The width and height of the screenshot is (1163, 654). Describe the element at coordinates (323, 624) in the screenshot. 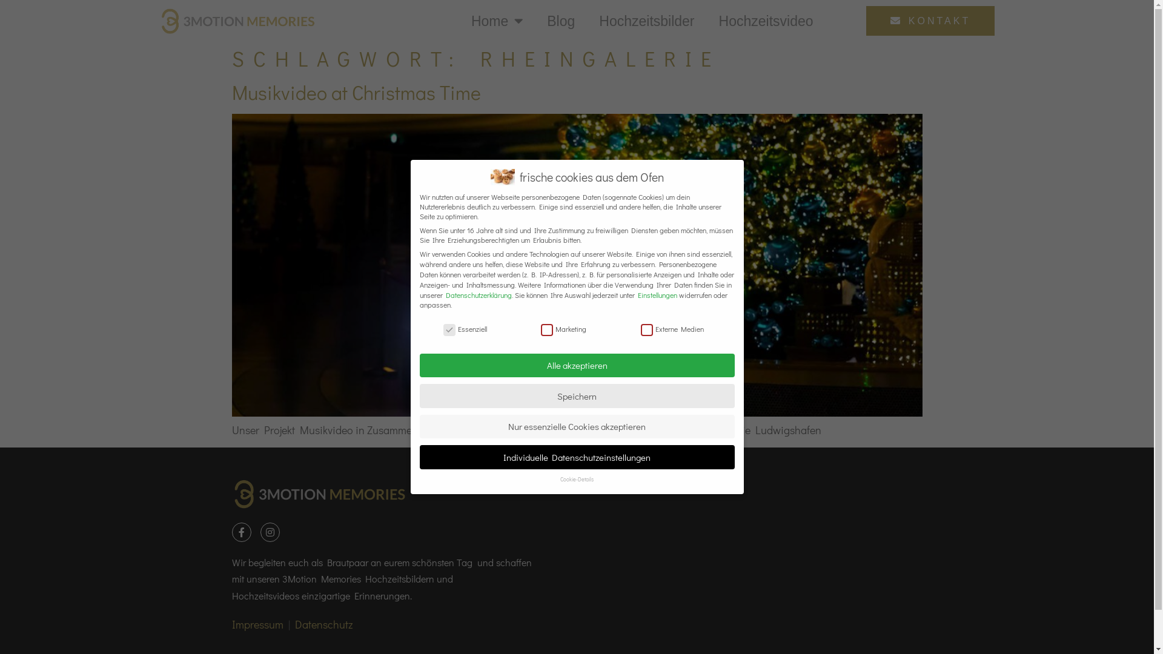

I see `'Datenschutz'` at that location.